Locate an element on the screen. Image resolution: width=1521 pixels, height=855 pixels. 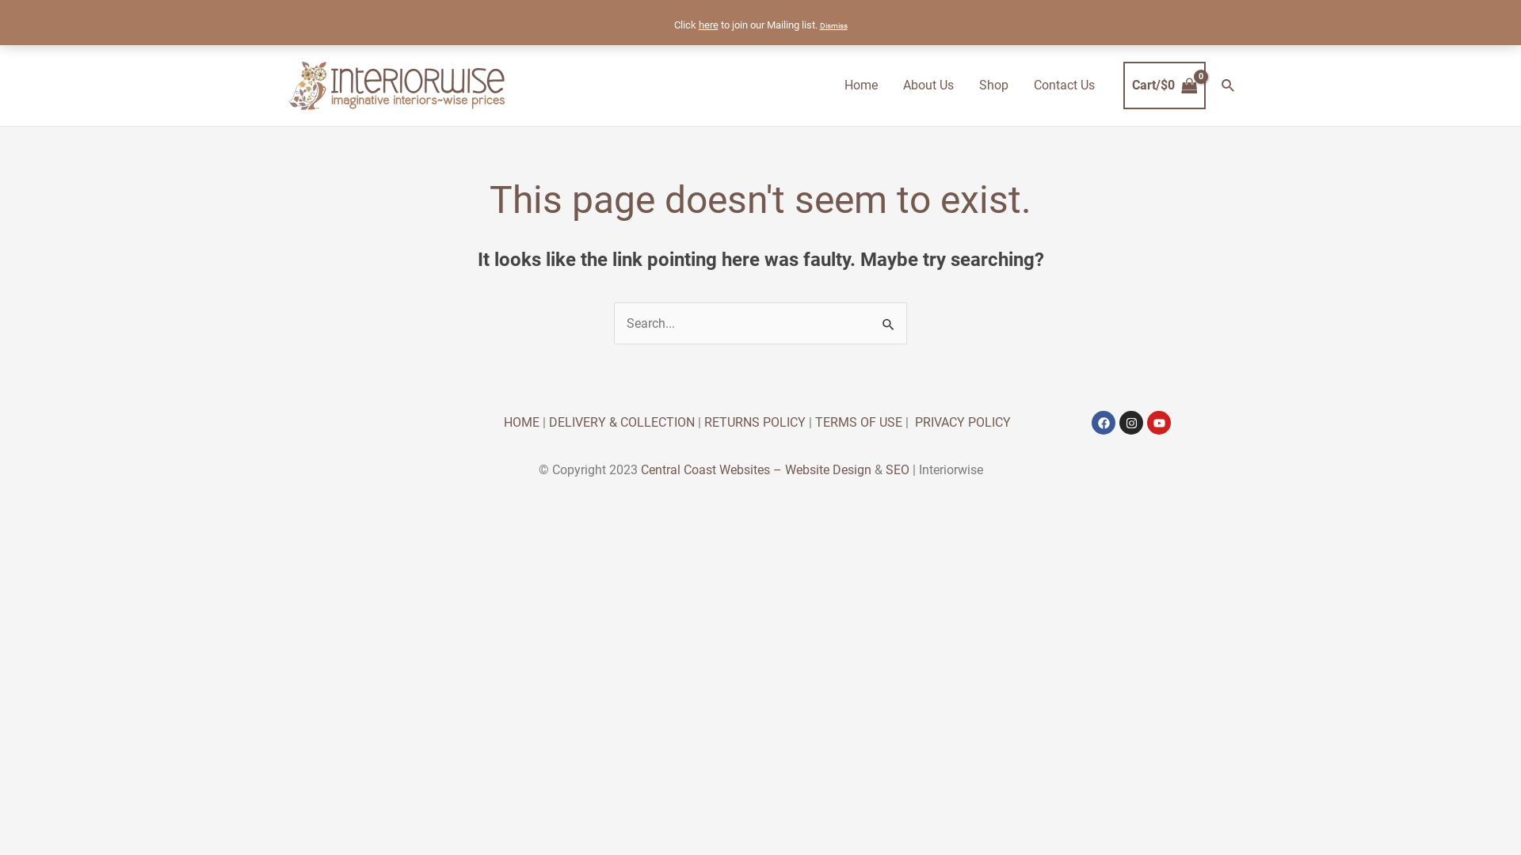
'Shop' is located at coordinates (965, 85).